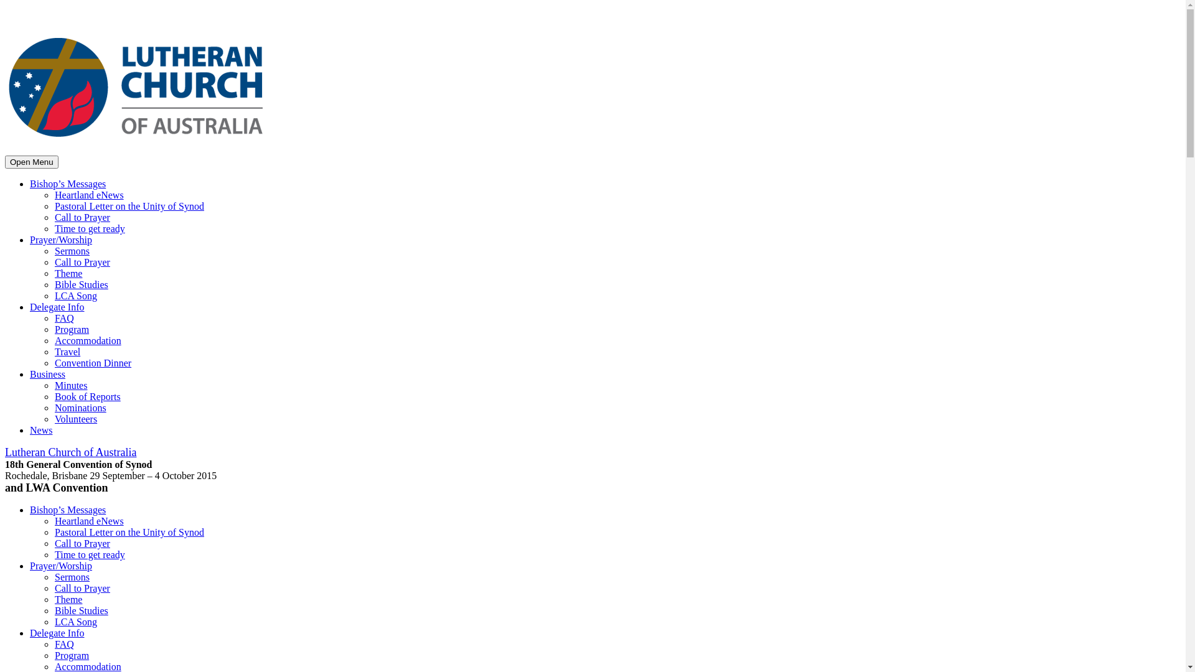 Image resolution: width=1195 pixels, height=672 pixels. What do you see at coordinates (47, 373) in the screenshot?
I see `'Business'` at bounding box center [47, 373].